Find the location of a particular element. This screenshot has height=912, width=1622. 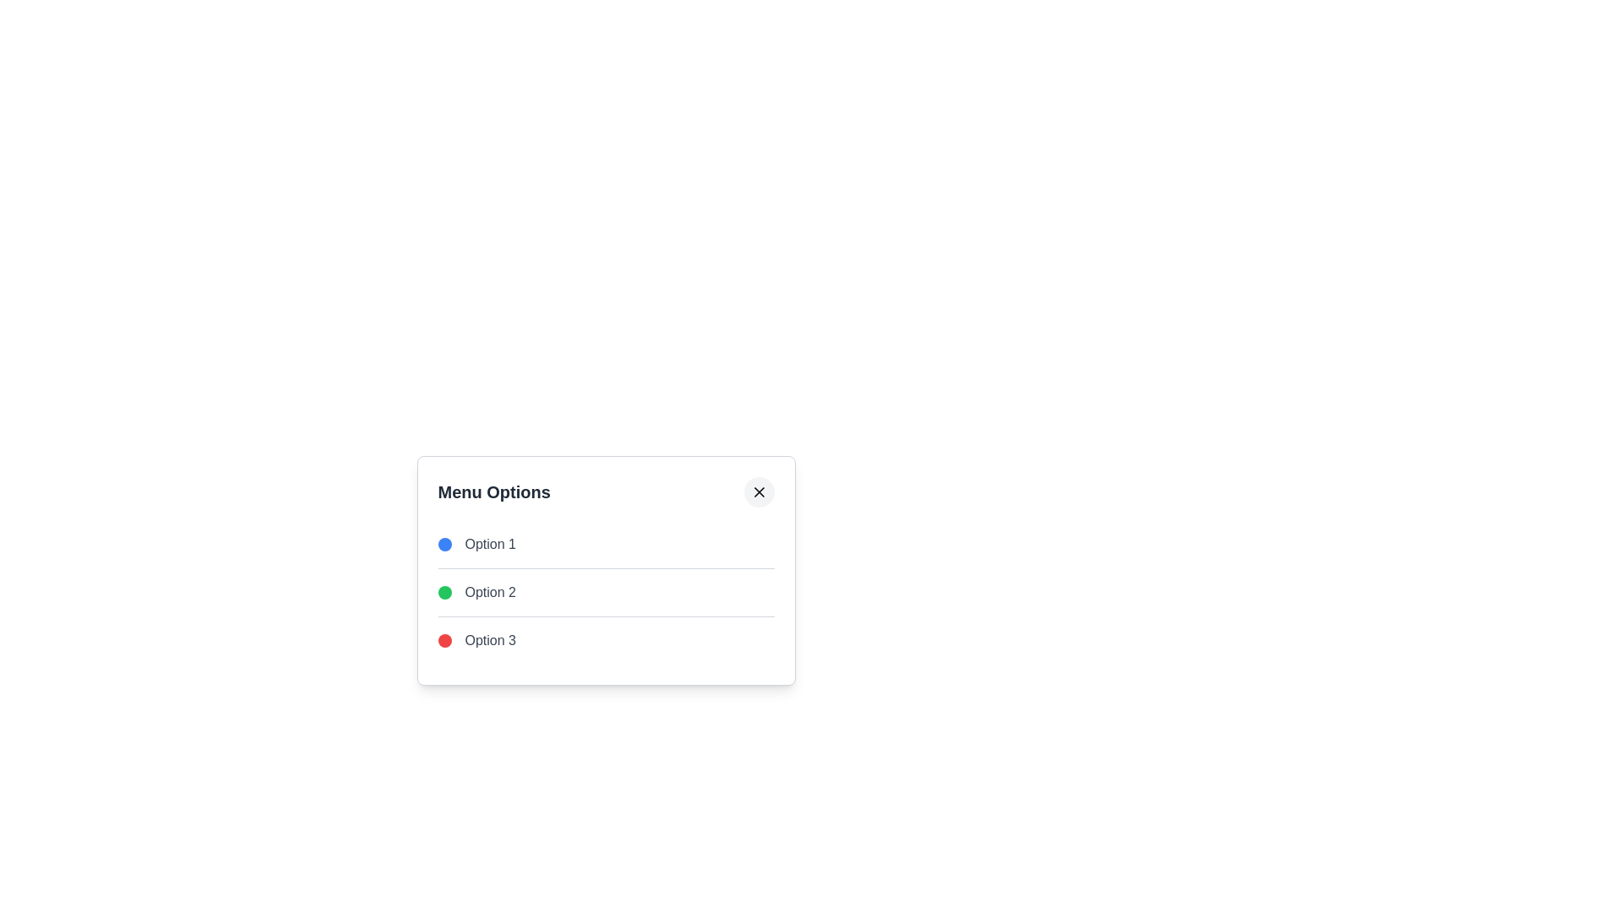

the close button located at the top-right corner of the 'Menu Options' card is located at coordinates (758, 491).